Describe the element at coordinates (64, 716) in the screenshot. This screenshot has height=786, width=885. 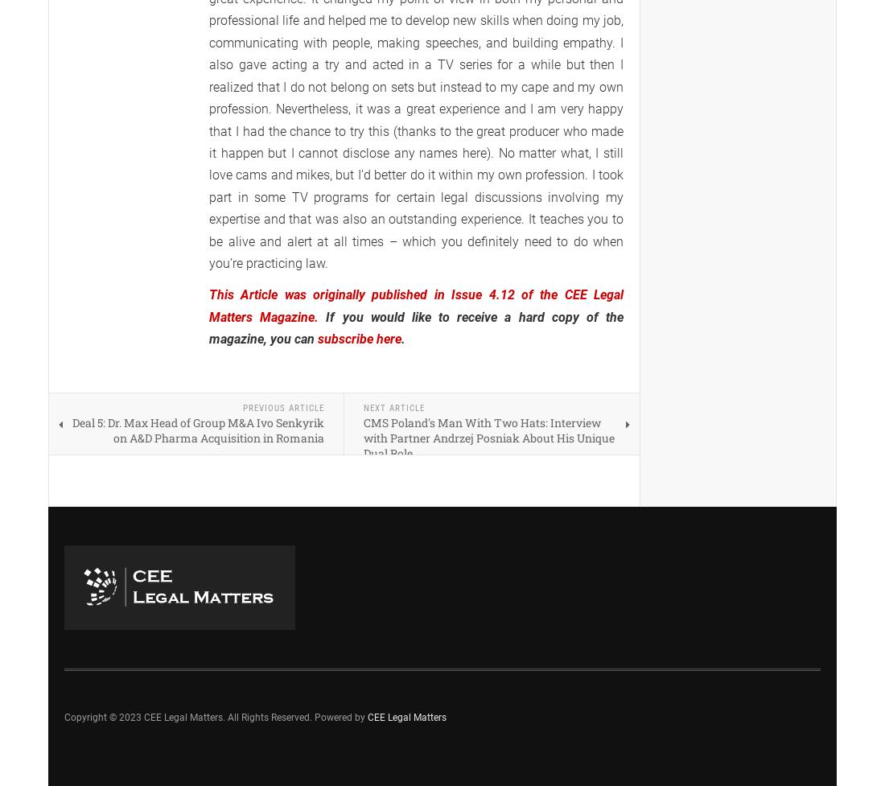
I see `'Copyright © 2023 CEE Legal Matters. All Rights Reserved. Powered by'` at that location.